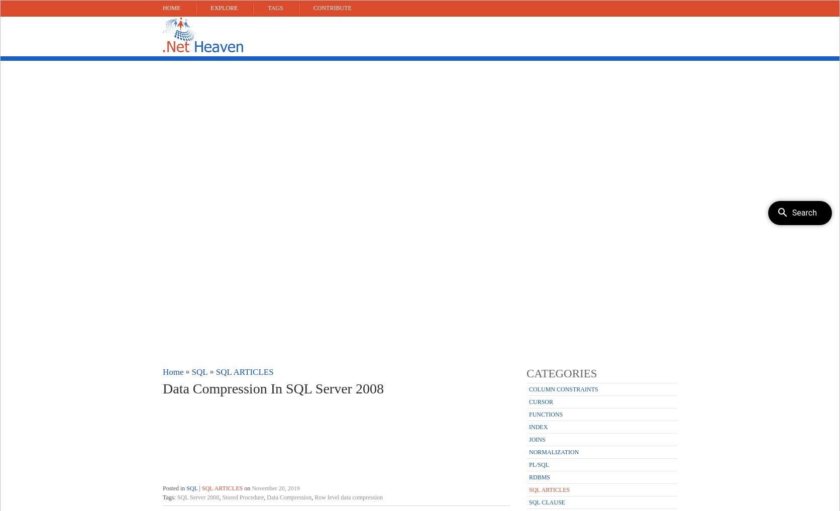 The image size is (840, 511). What do you see at coordinates (539, 464) in the screenshot?
I see `'PL/SQL'` at bounding box center [539, 464].